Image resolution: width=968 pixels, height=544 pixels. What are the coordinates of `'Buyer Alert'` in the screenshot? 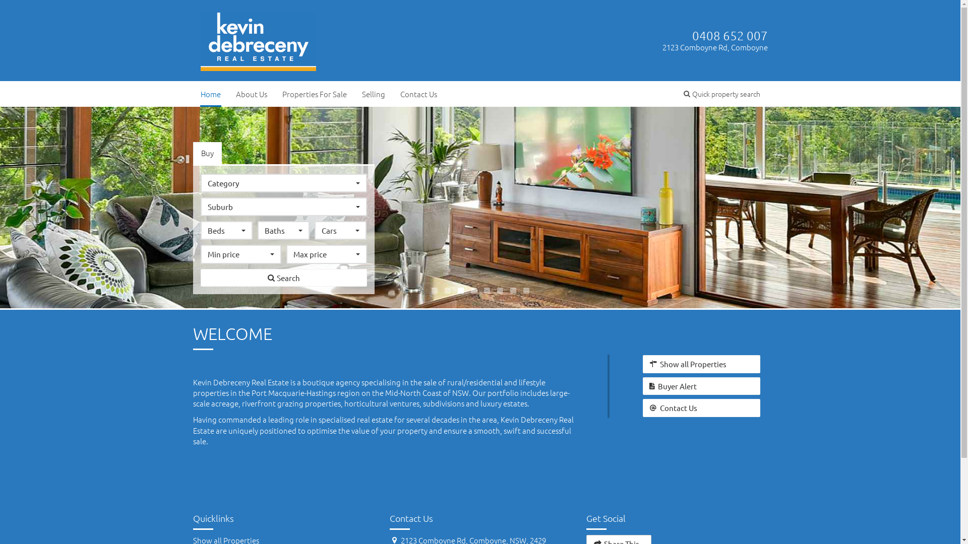 It's located at (642, 385).